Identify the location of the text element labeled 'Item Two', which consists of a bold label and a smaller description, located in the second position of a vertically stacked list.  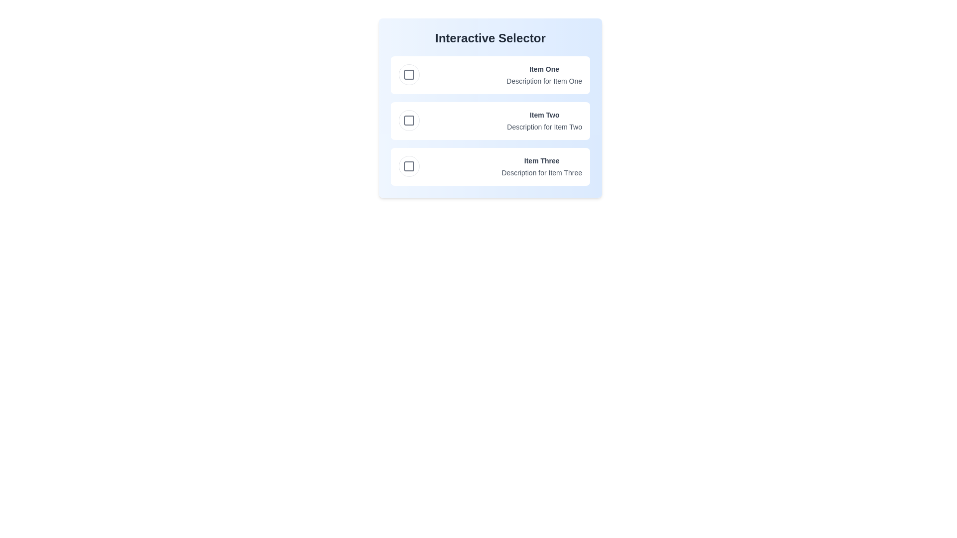
(544, 121).